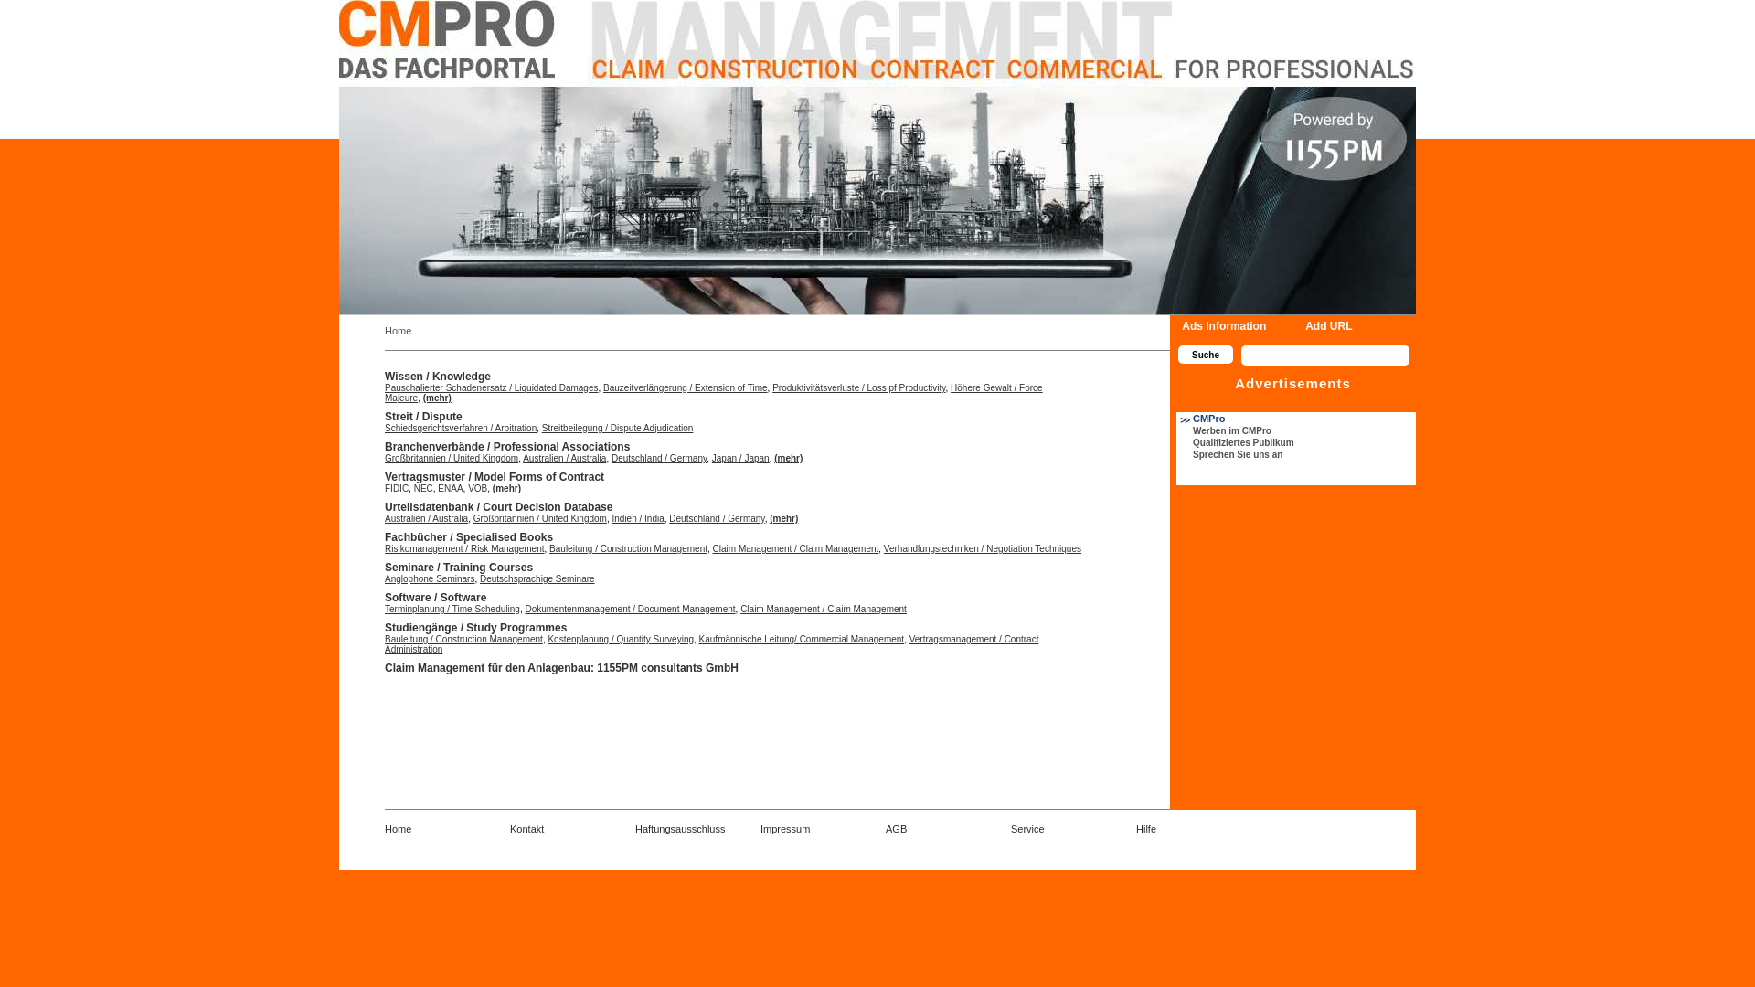 Image resolution: width=1755 pixels, height=987 pixels. What do you see at coordinates (637, 518) in the screenshot?
I see `'Indien / India'` at bounding box center [637, 518].